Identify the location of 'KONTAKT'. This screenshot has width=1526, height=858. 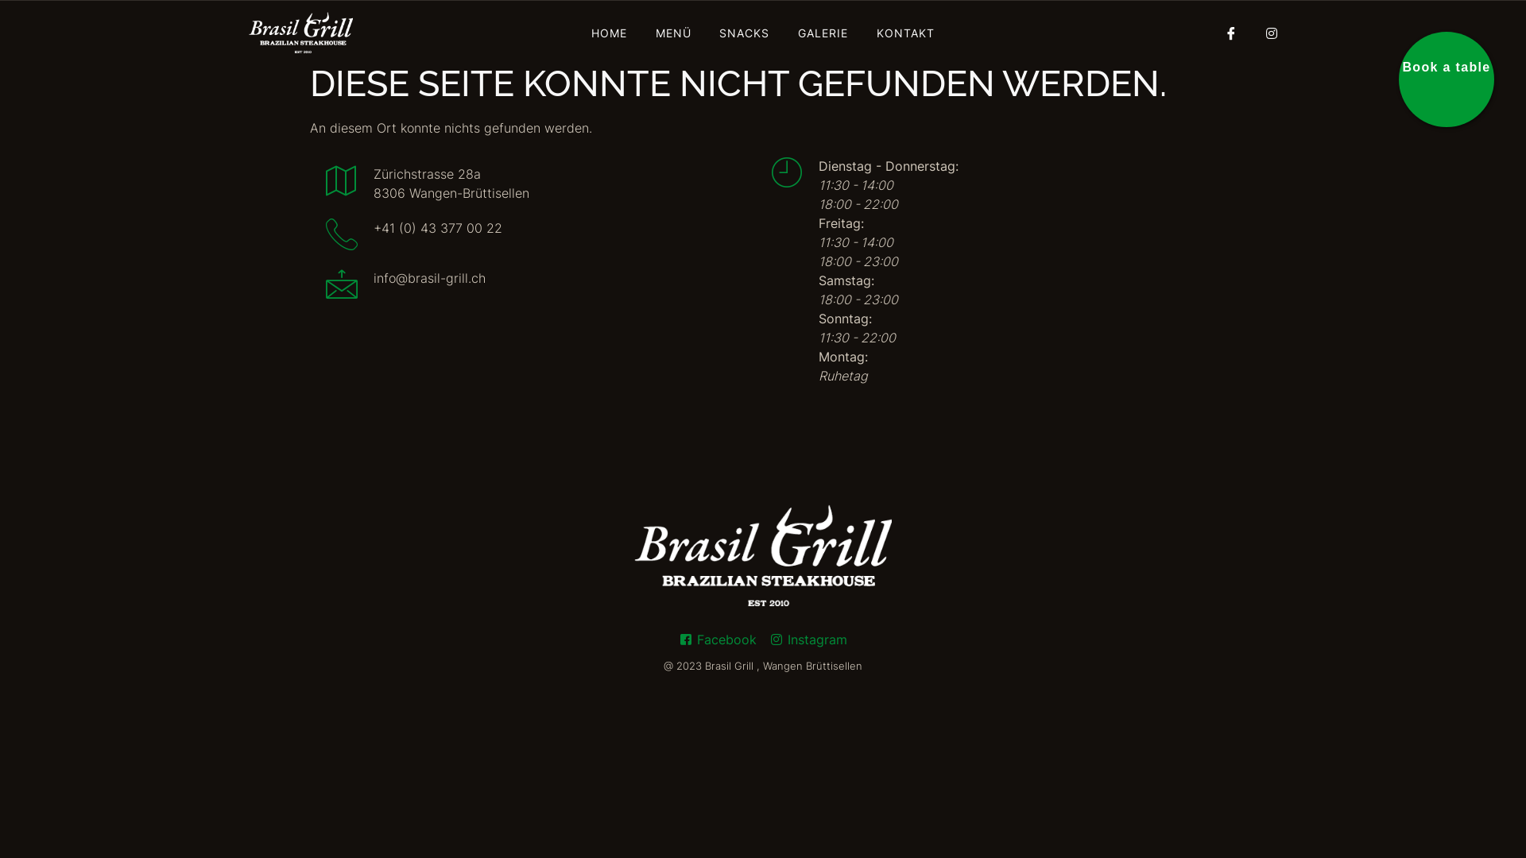
(905, 33).